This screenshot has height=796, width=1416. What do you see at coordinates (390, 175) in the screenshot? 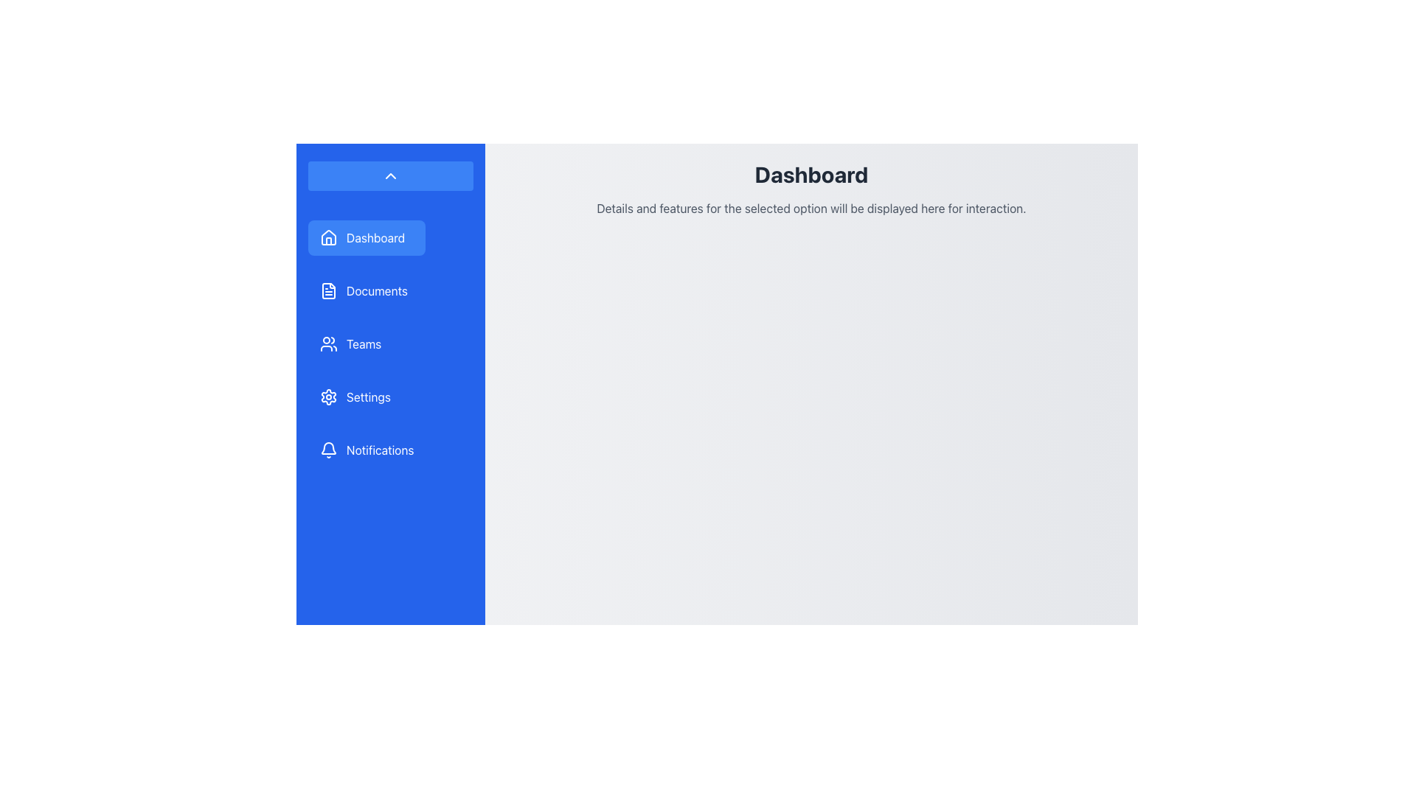
I see `the toggle button located at the top of the sidebar` at bounding box center [390, 175].